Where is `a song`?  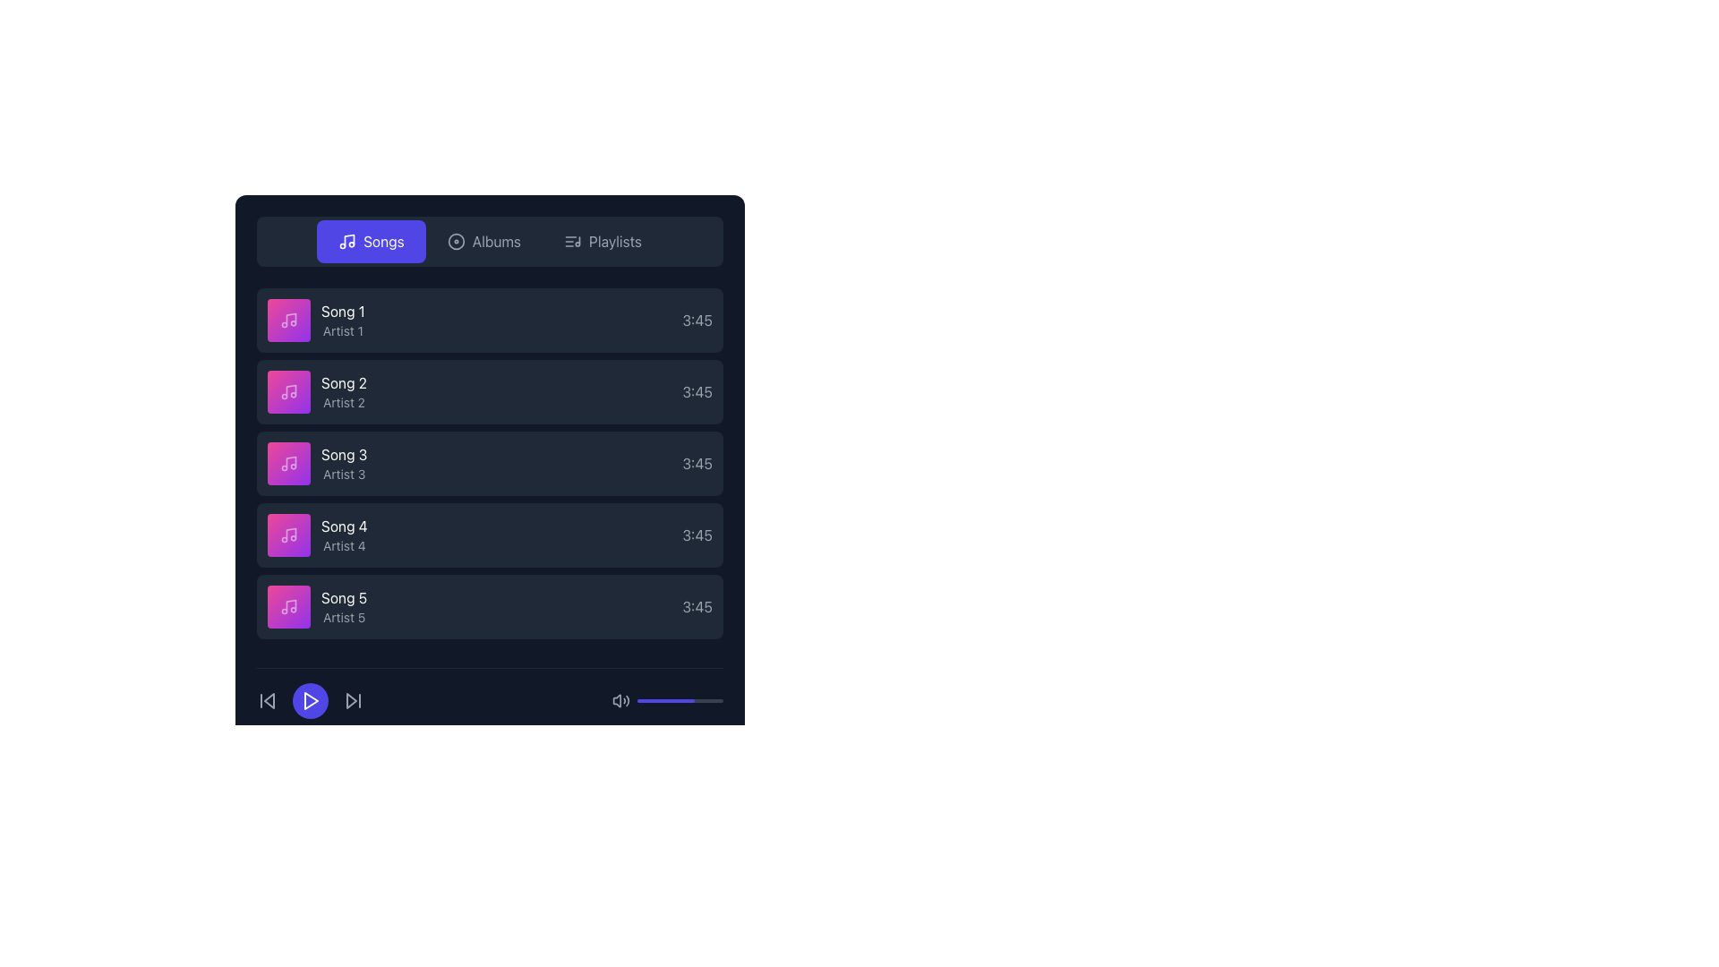
a song is located at coordinates (490, 462).